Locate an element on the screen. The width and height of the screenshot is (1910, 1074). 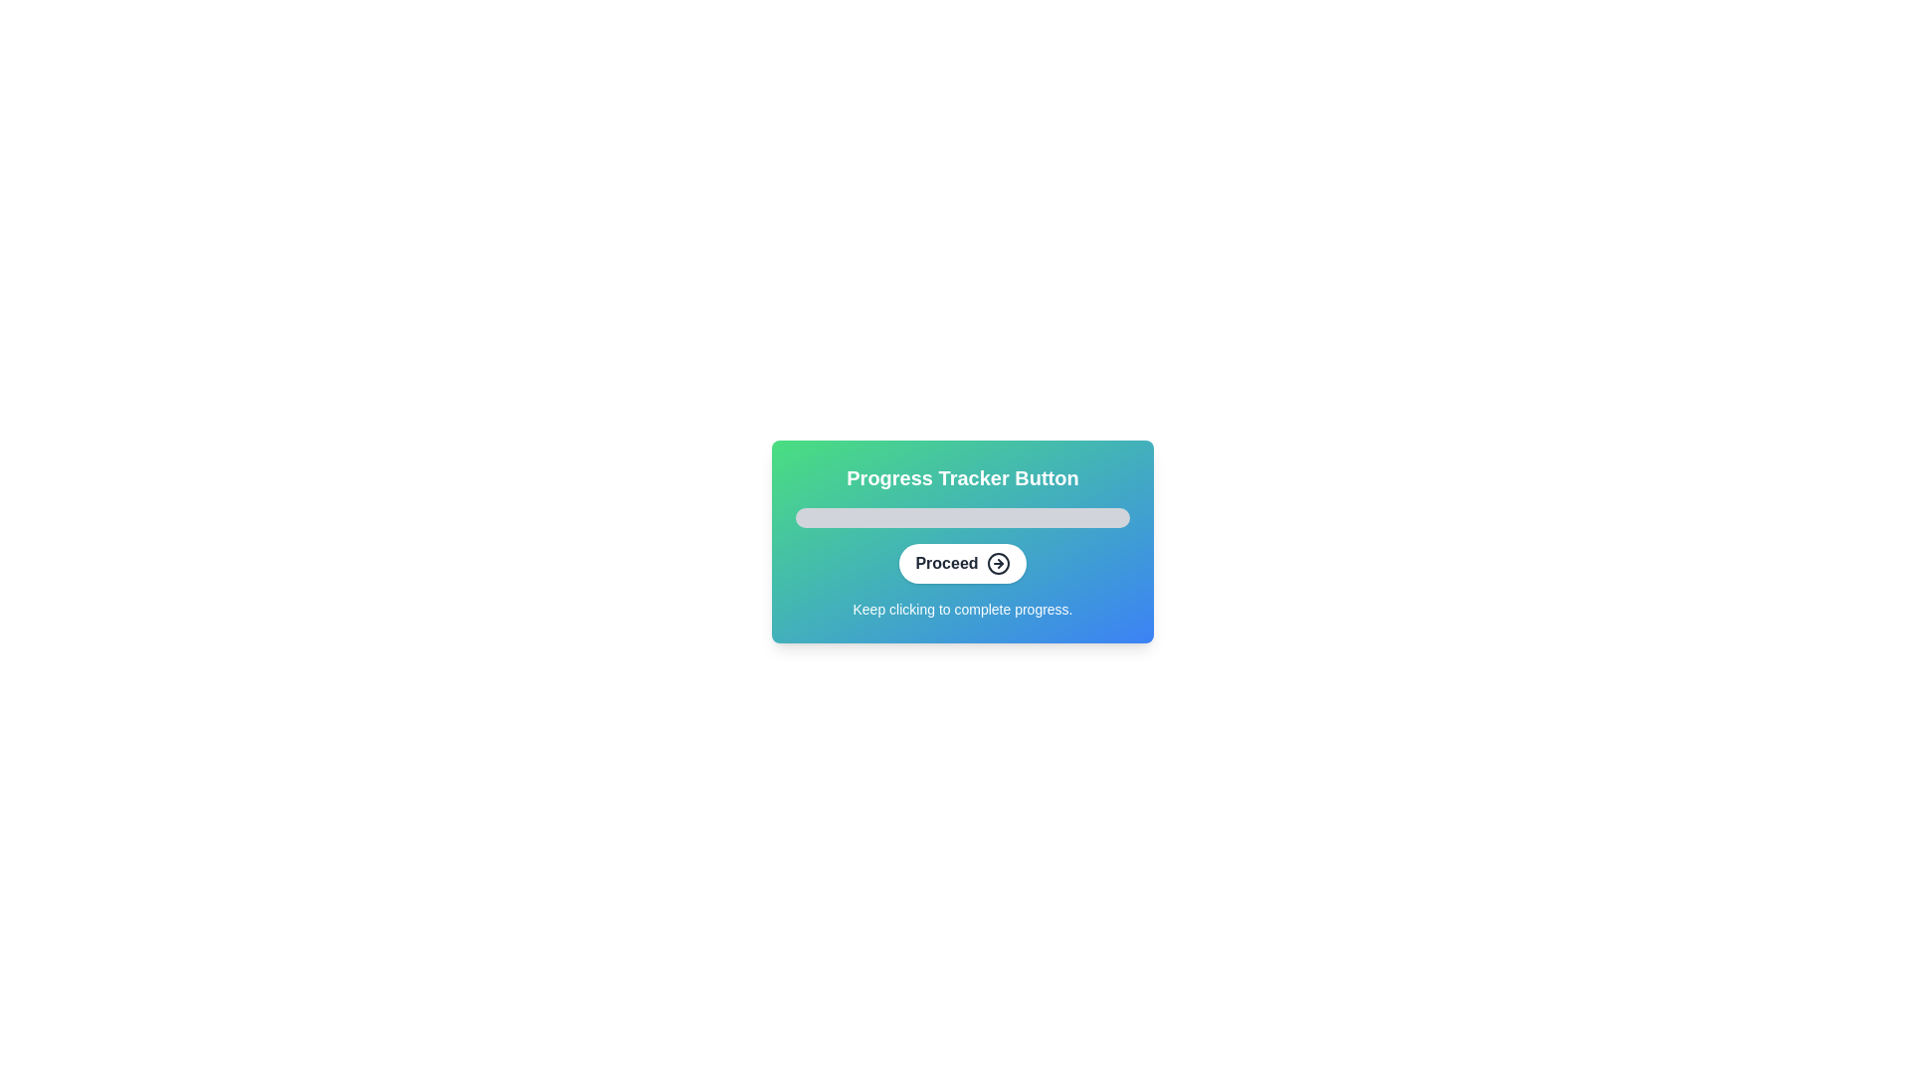
the icon with a right-pointing arrow located on the right side of the 'Proceed' button is located at coordinates (998, 564).